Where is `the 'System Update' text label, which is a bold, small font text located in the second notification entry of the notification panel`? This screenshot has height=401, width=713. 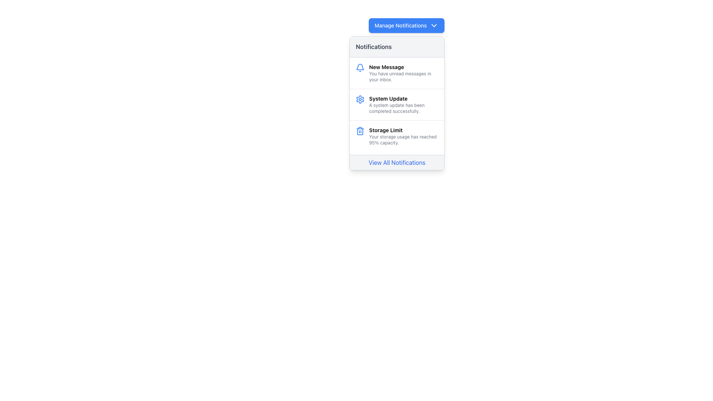
the 'System Update' text label, which is a bold, small font text located in the second notification entry of the notification panel is located at coordinates (403, 98).